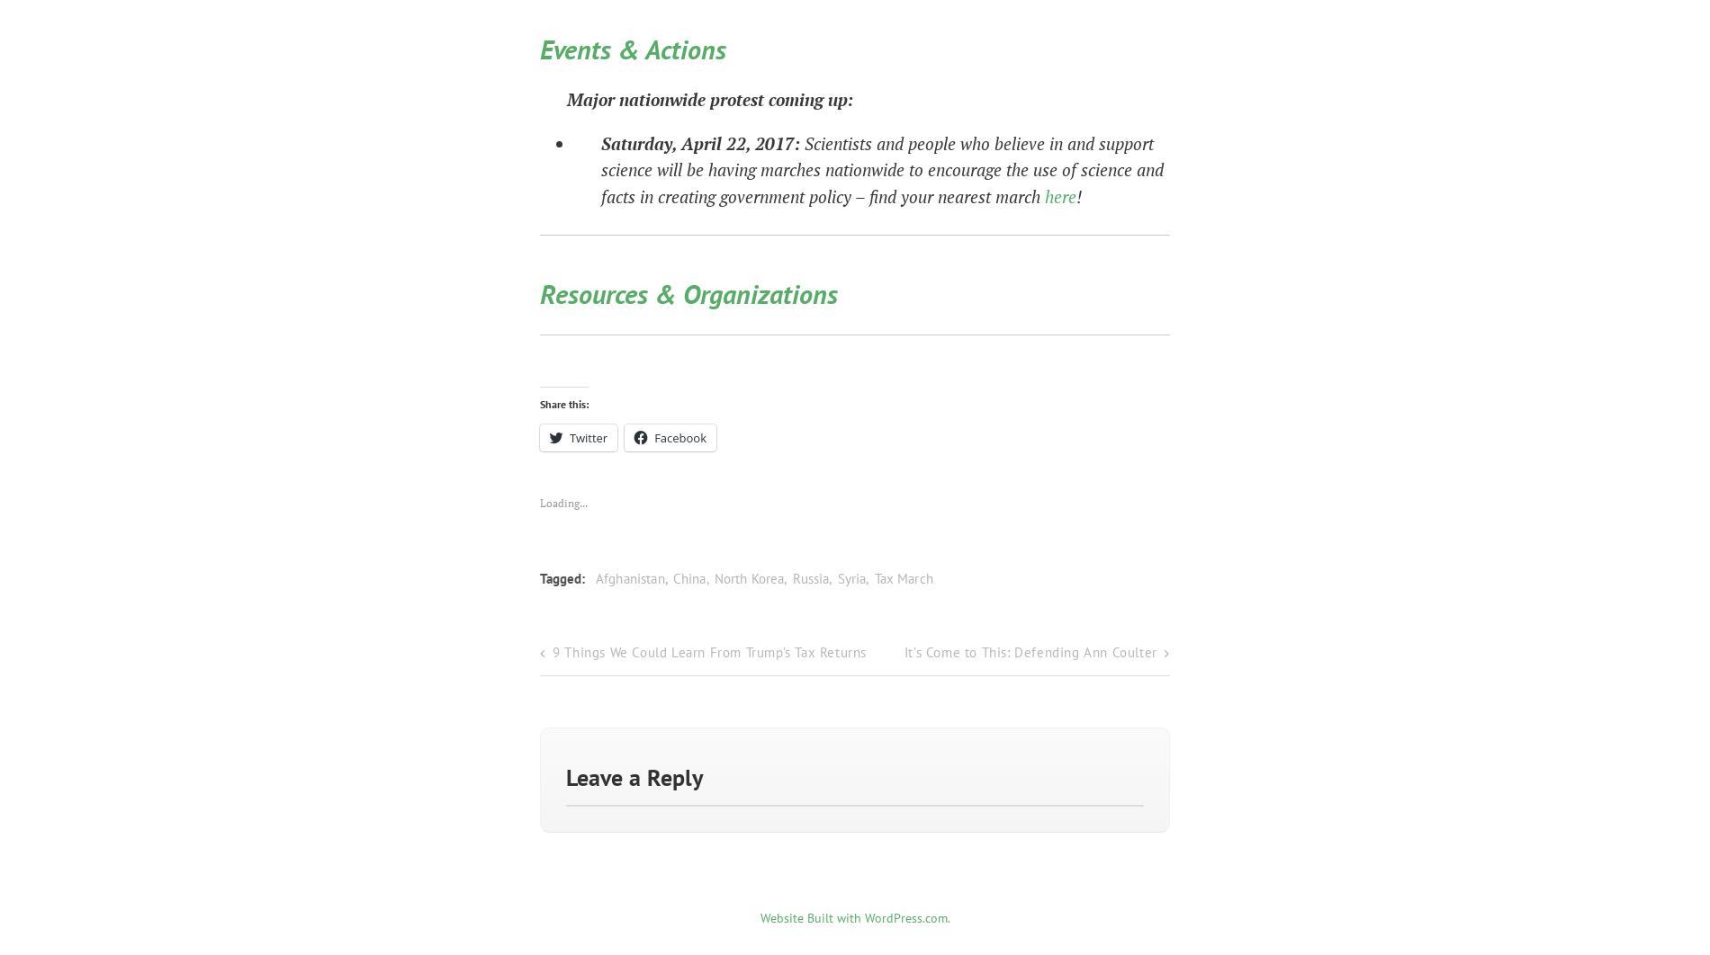 This screenshot has height=955, width=1710. What do you see at coordinates (809, 573) in the screenshot?
I see `'Russia'` at bounding box center [809, 573].